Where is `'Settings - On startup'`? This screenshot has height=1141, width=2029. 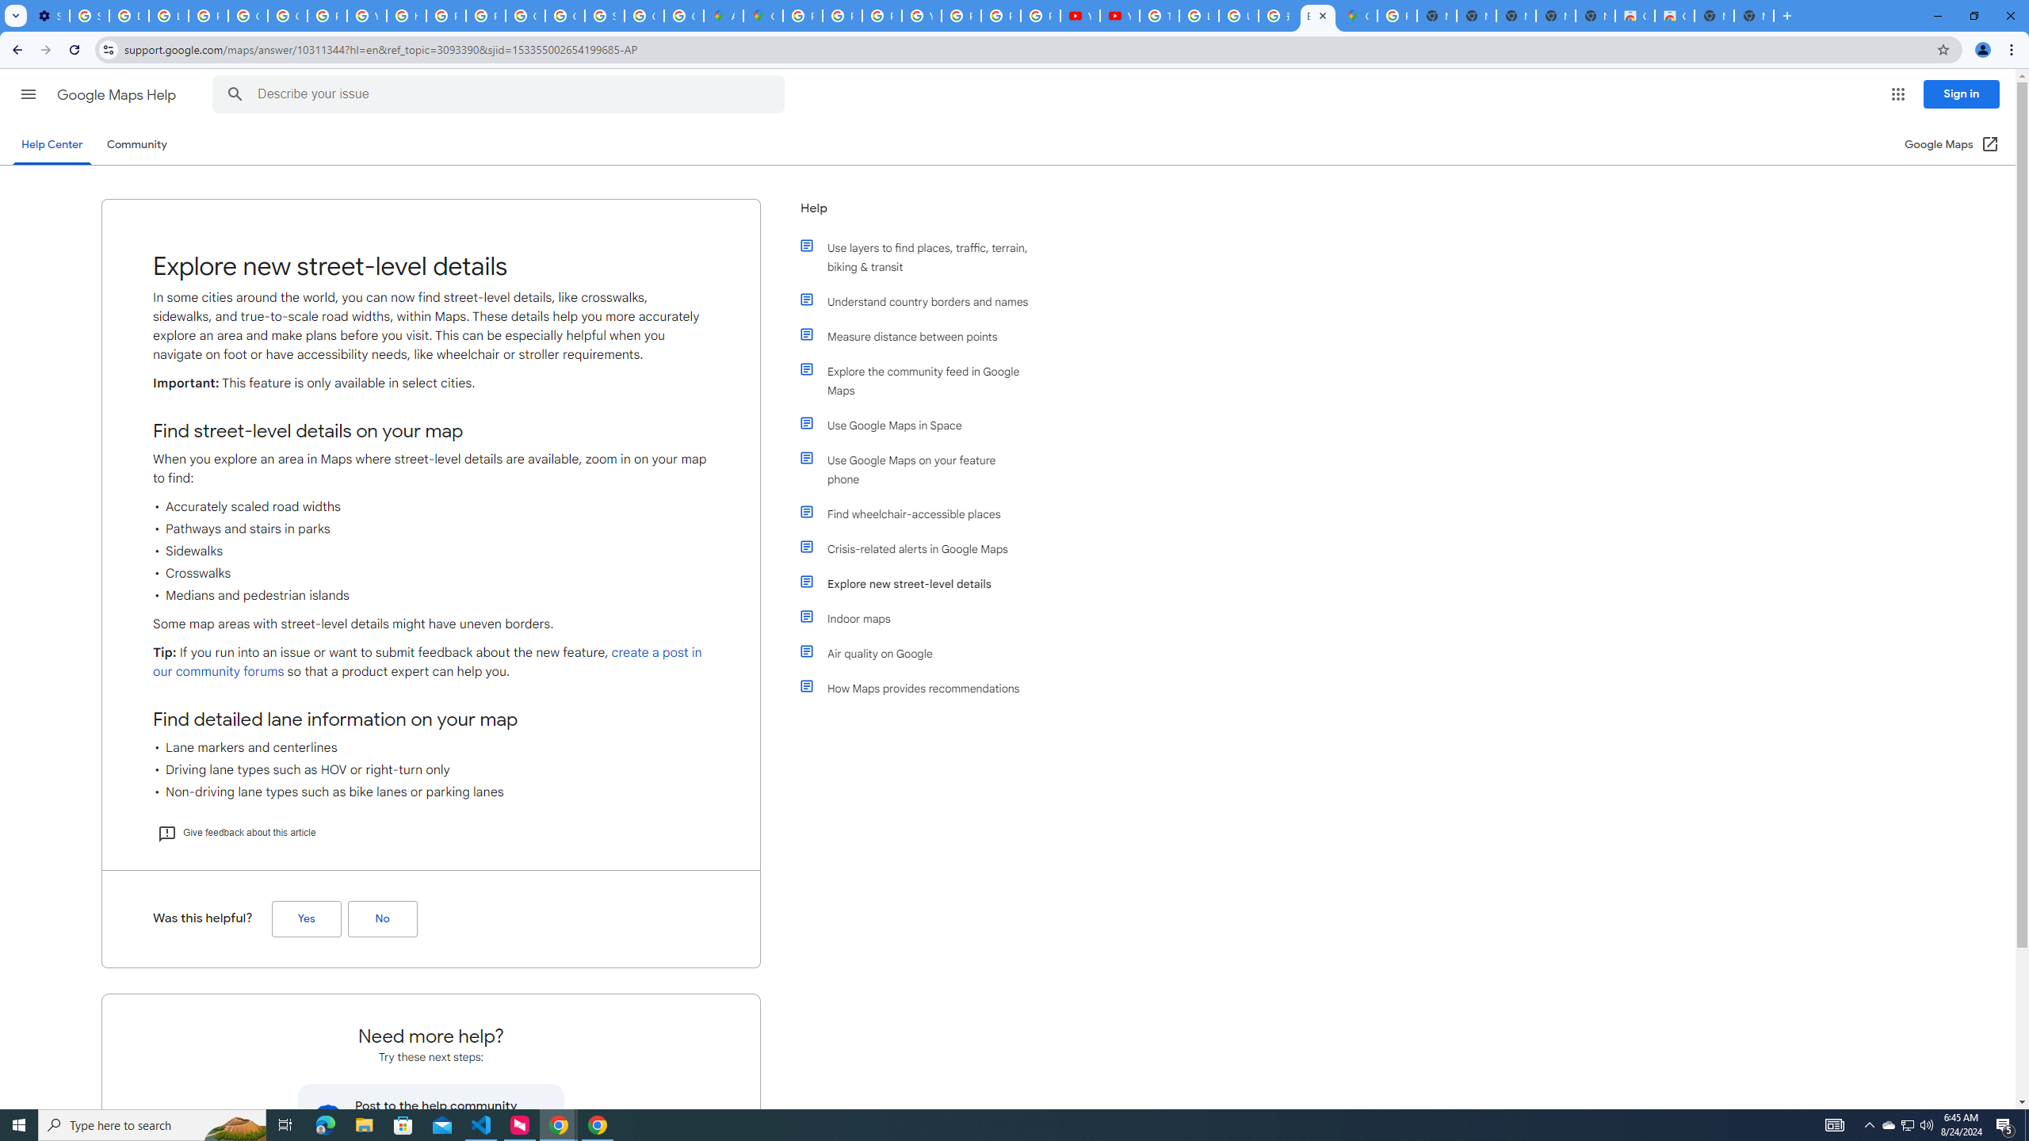 'Settings - On startup' is located at coordinates (48, 15).